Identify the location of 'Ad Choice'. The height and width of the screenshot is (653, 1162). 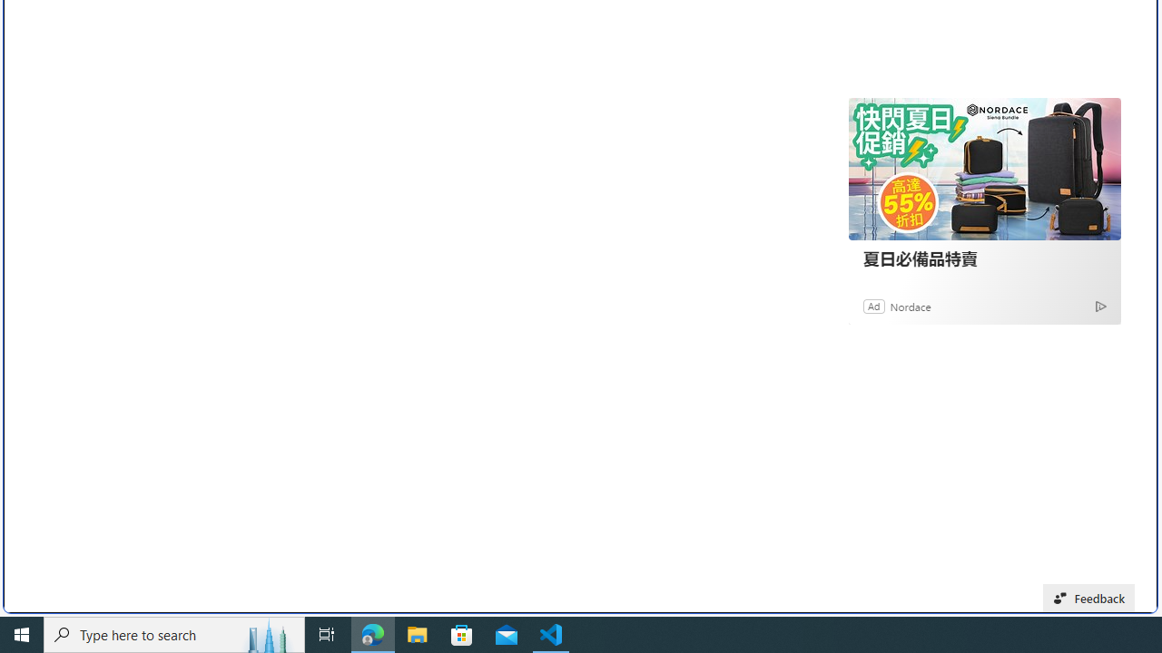
(1099, 305).